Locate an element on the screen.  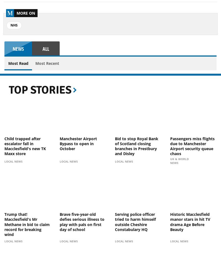
'Bid to stop Royal Bank of Scotland closing branches in Prestbury and Disley' is located at coordinates (136, 146).